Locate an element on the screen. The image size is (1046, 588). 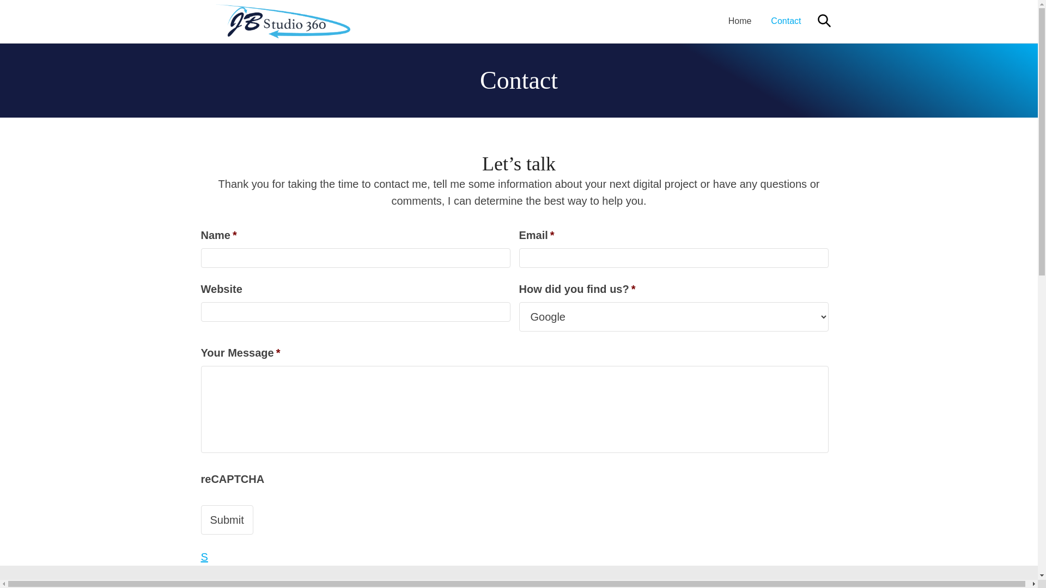
'Search' is located at coordinates (824, 21).